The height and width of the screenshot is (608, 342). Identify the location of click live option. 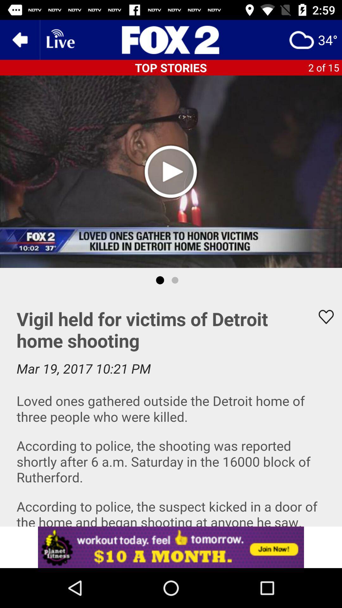
(60, 39).